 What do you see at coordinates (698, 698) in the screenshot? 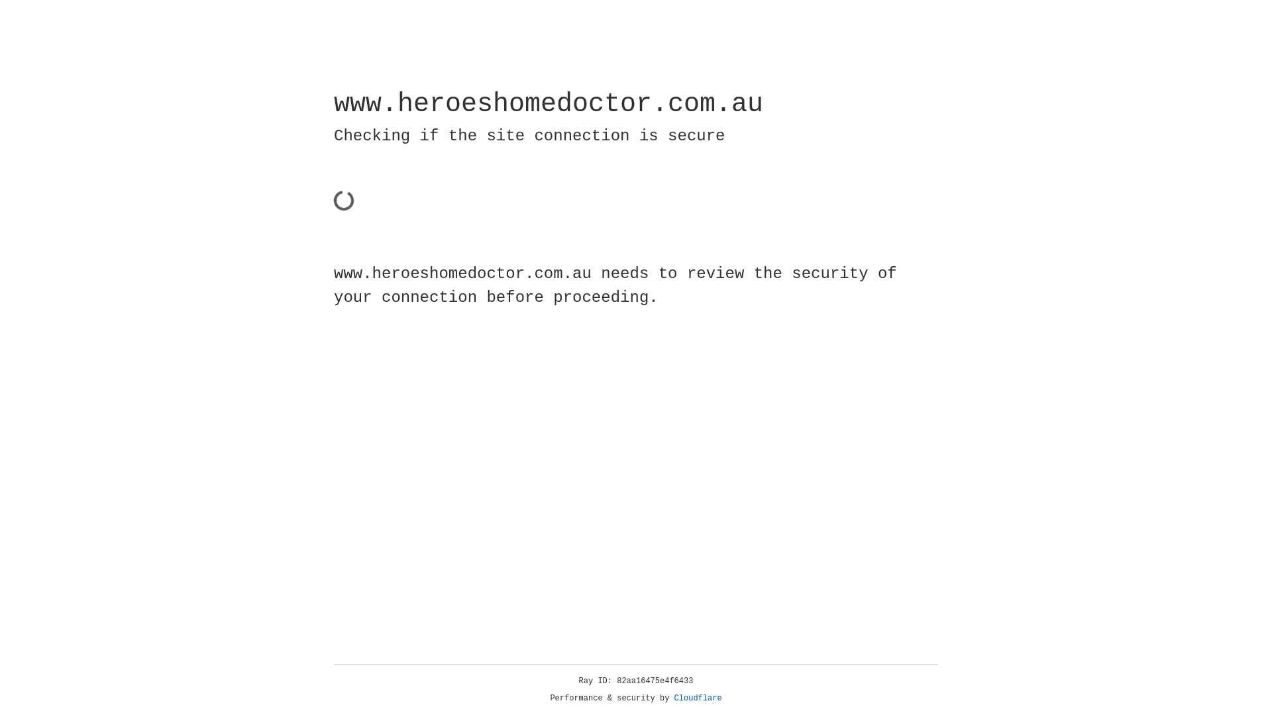
I see `'Cloudflare'` at bounding box center [698, 698].